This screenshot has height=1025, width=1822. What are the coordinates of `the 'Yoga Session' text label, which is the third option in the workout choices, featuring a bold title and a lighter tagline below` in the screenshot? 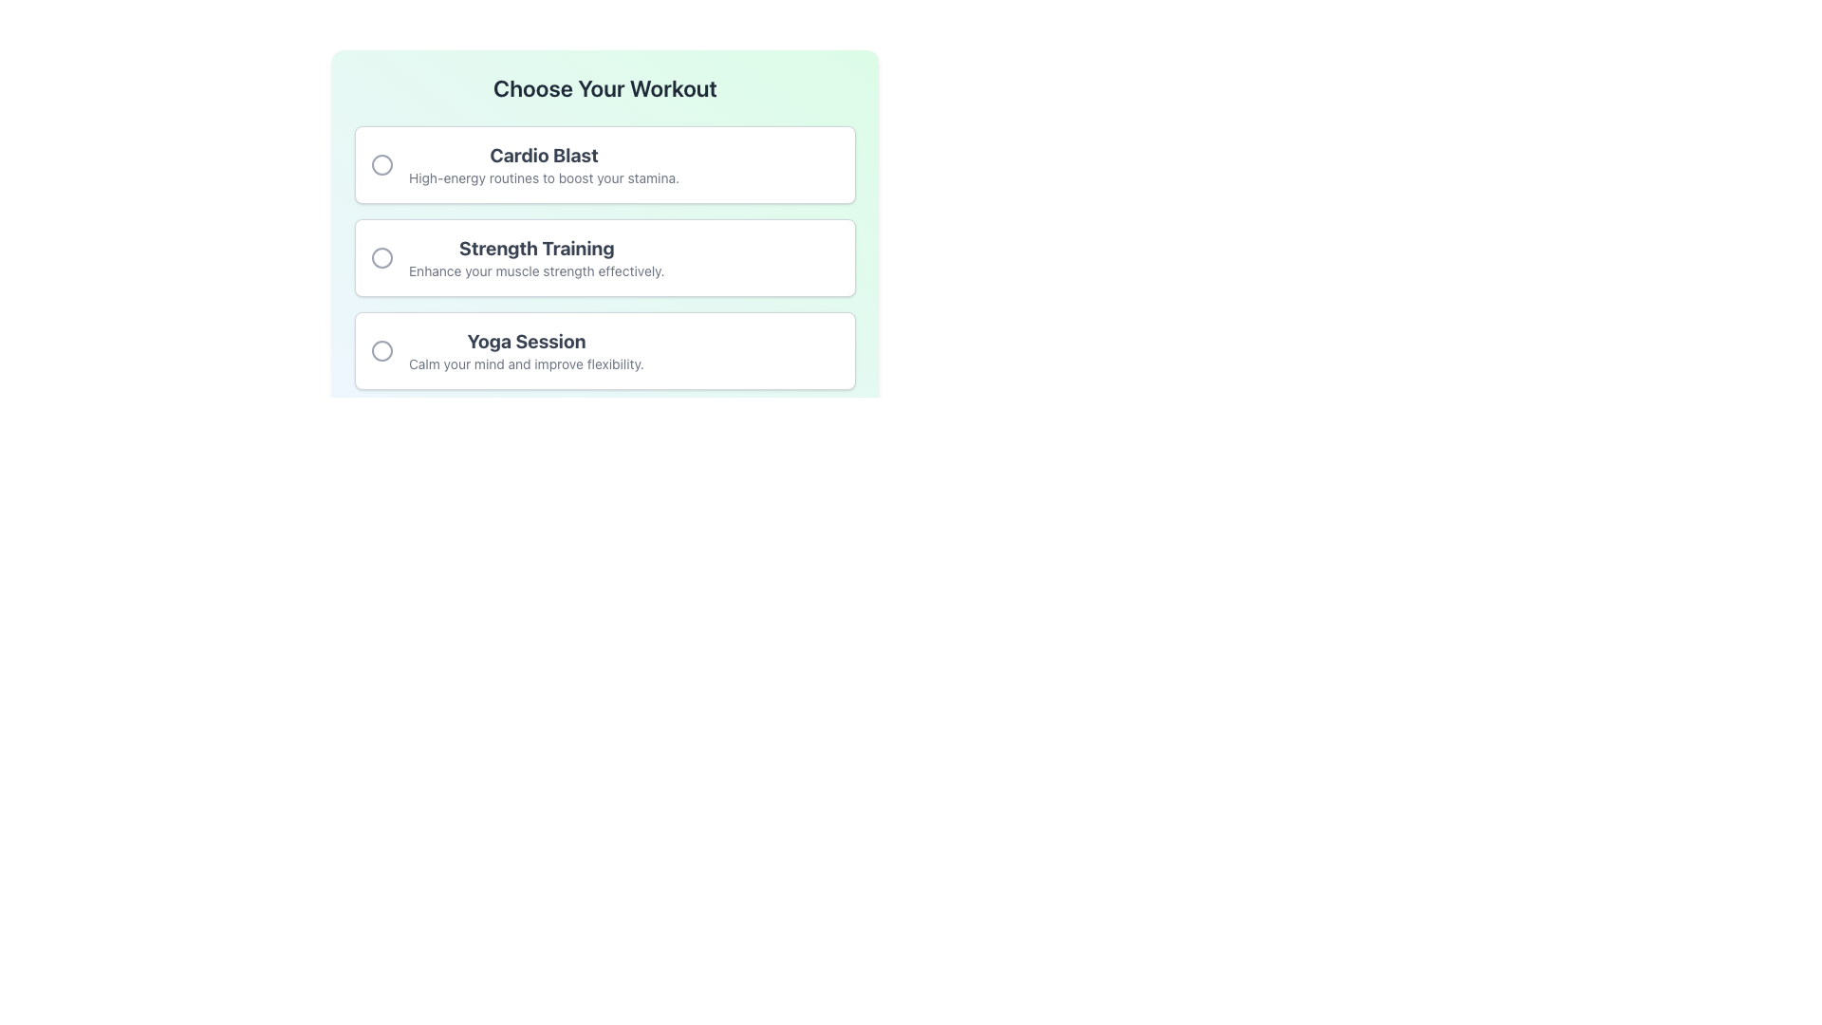 It's located at (526, 351).